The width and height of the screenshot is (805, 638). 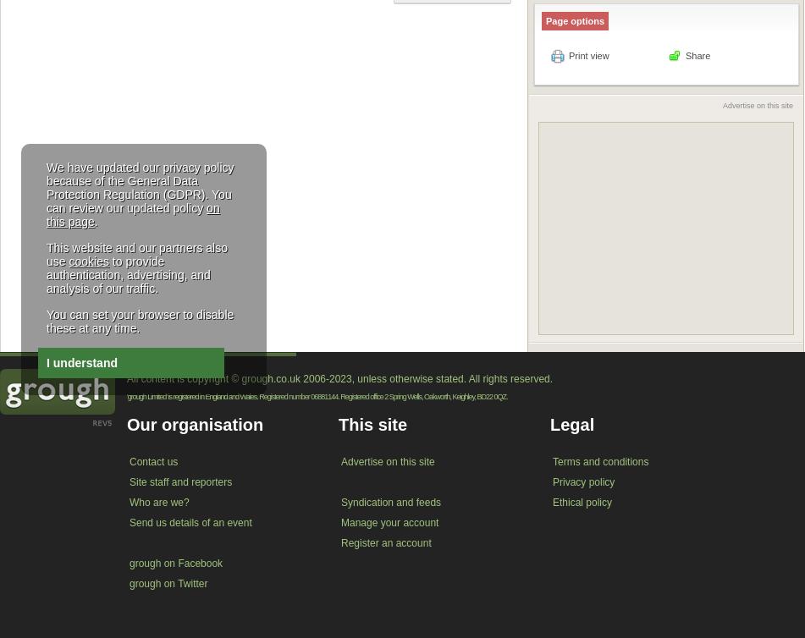 I want to click on 'This website and our partners also use', so click(x=46, y=253).